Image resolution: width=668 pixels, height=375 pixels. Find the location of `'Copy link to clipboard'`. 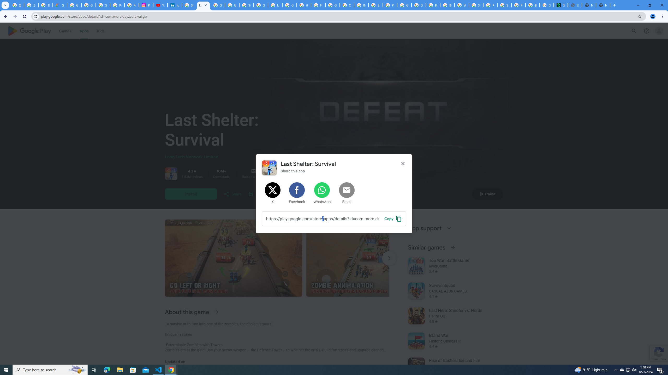

'Copy link to clipboard' is located at coordinates (393, 218).